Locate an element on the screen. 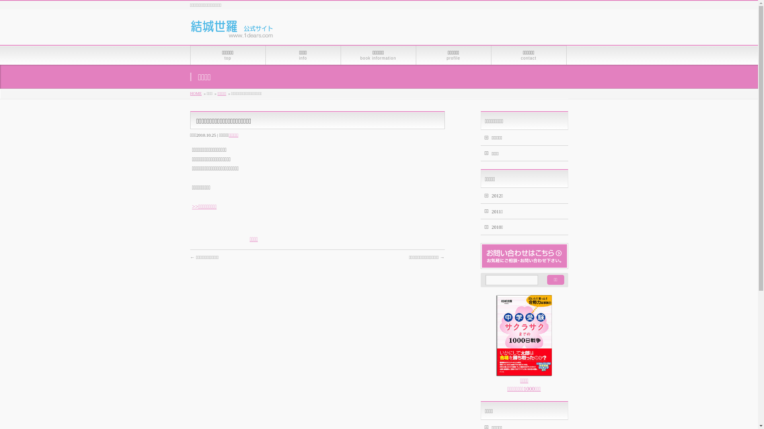 The image size is (764, 429). 'HOME' is located at coordinates (196, 93).